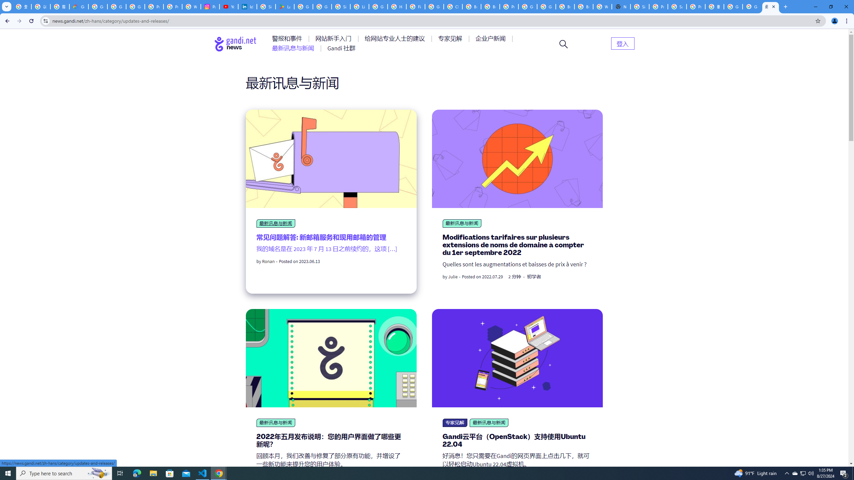 The height and width of the screenshot is (480, 854). Describe the element at coordinates (527, 6) in the screenshot. I see `'Google Cloud Platform'` at that location.